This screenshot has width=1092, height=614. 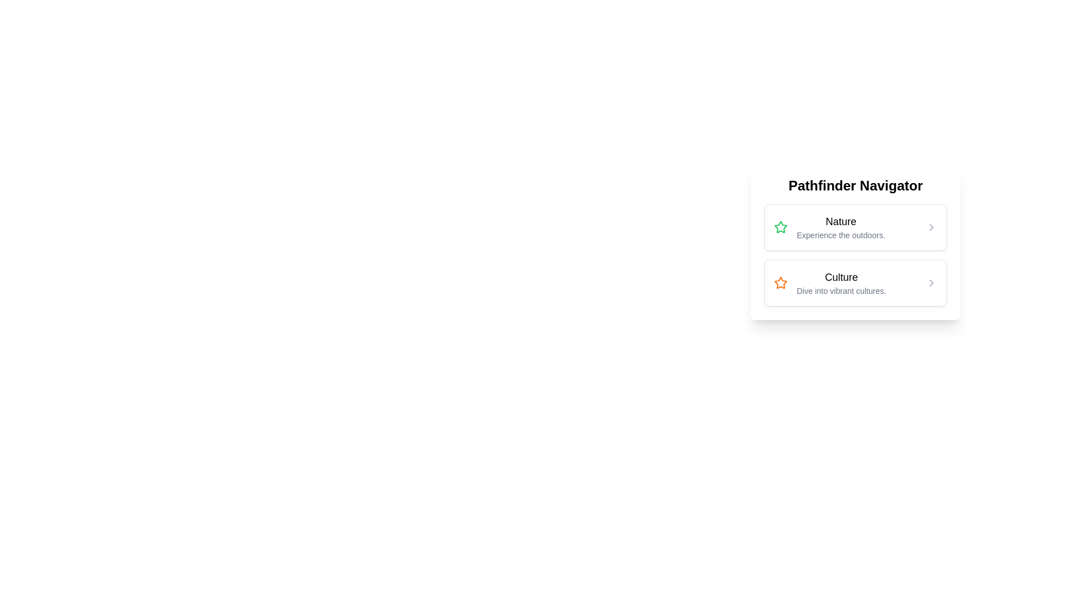 I want to click on the options within the Card component that allows navigation, so click(x=855, y=287).